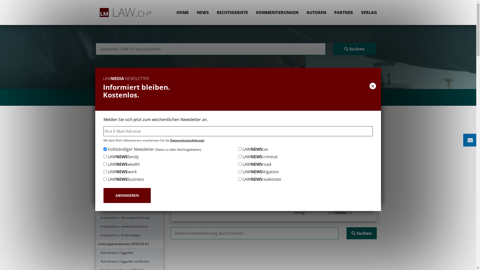 The image size is (480, 270). I want to click on 'Koordination Taggelder mit Renten', so click(129, 261).